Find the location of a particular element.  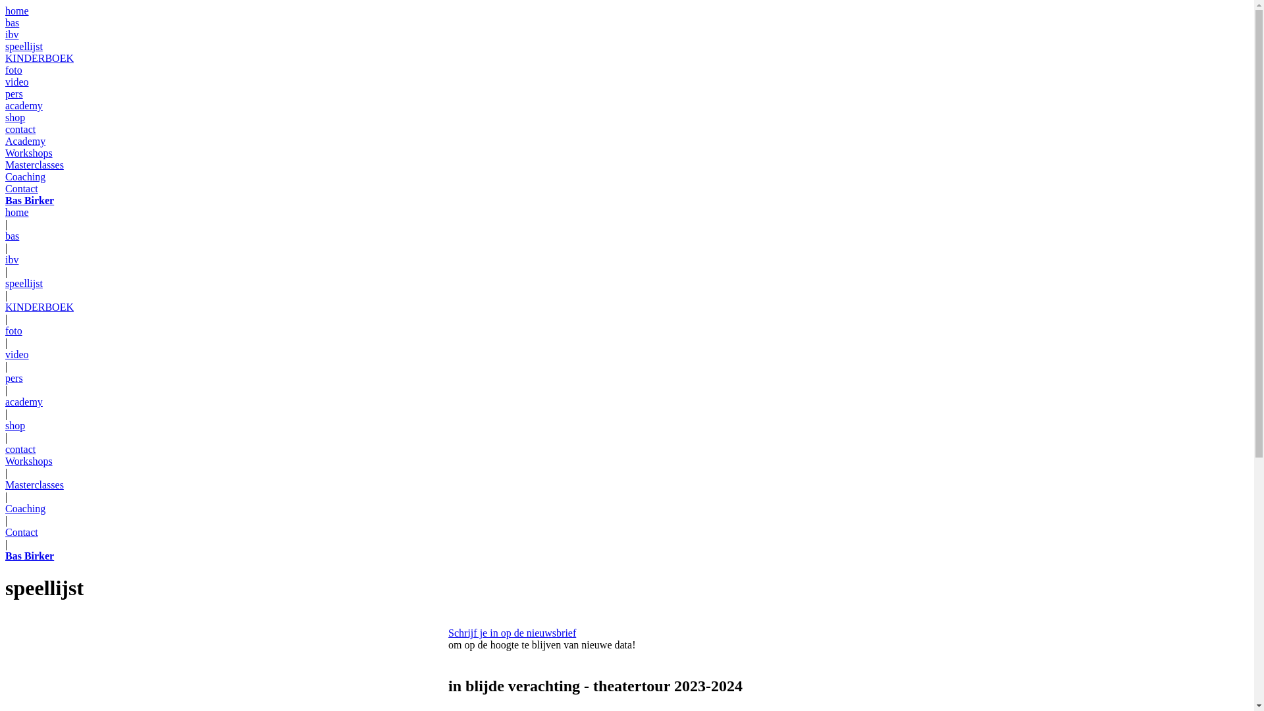

'Bas Birker' is located at coordinates (29, 200).